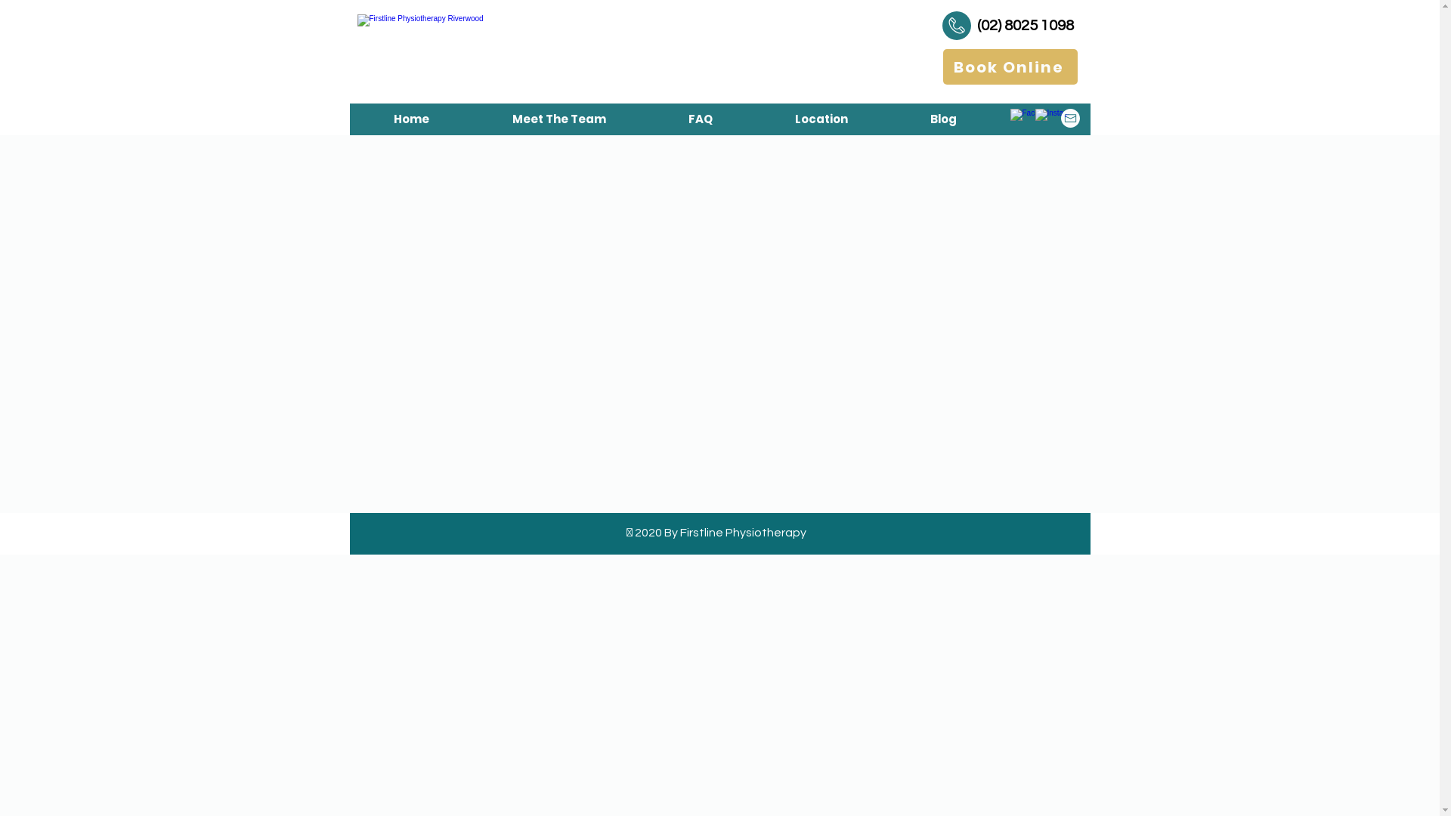 The image size is (1451, 816). Describe the element at coordinates (942, 118) in the screenshot. I see `'Blog'` at that location.